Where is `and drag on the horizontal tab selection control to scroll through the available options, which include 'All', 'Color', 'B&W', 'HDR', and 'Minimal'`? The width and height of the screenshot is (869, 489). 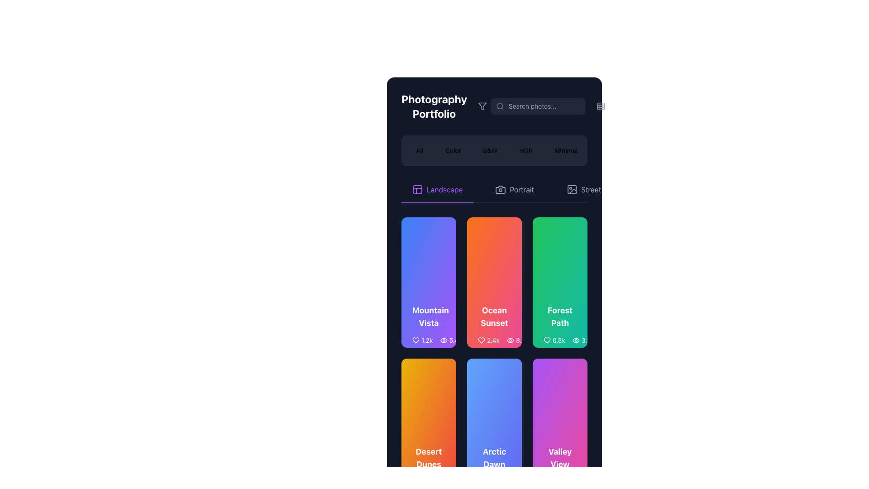
and drag on the horizontal tab selection control to scroll through the available options, which include 'All', 'Color', 'B&W', 'HDR', and 'Minimal' is located at coordinates (494, 150).